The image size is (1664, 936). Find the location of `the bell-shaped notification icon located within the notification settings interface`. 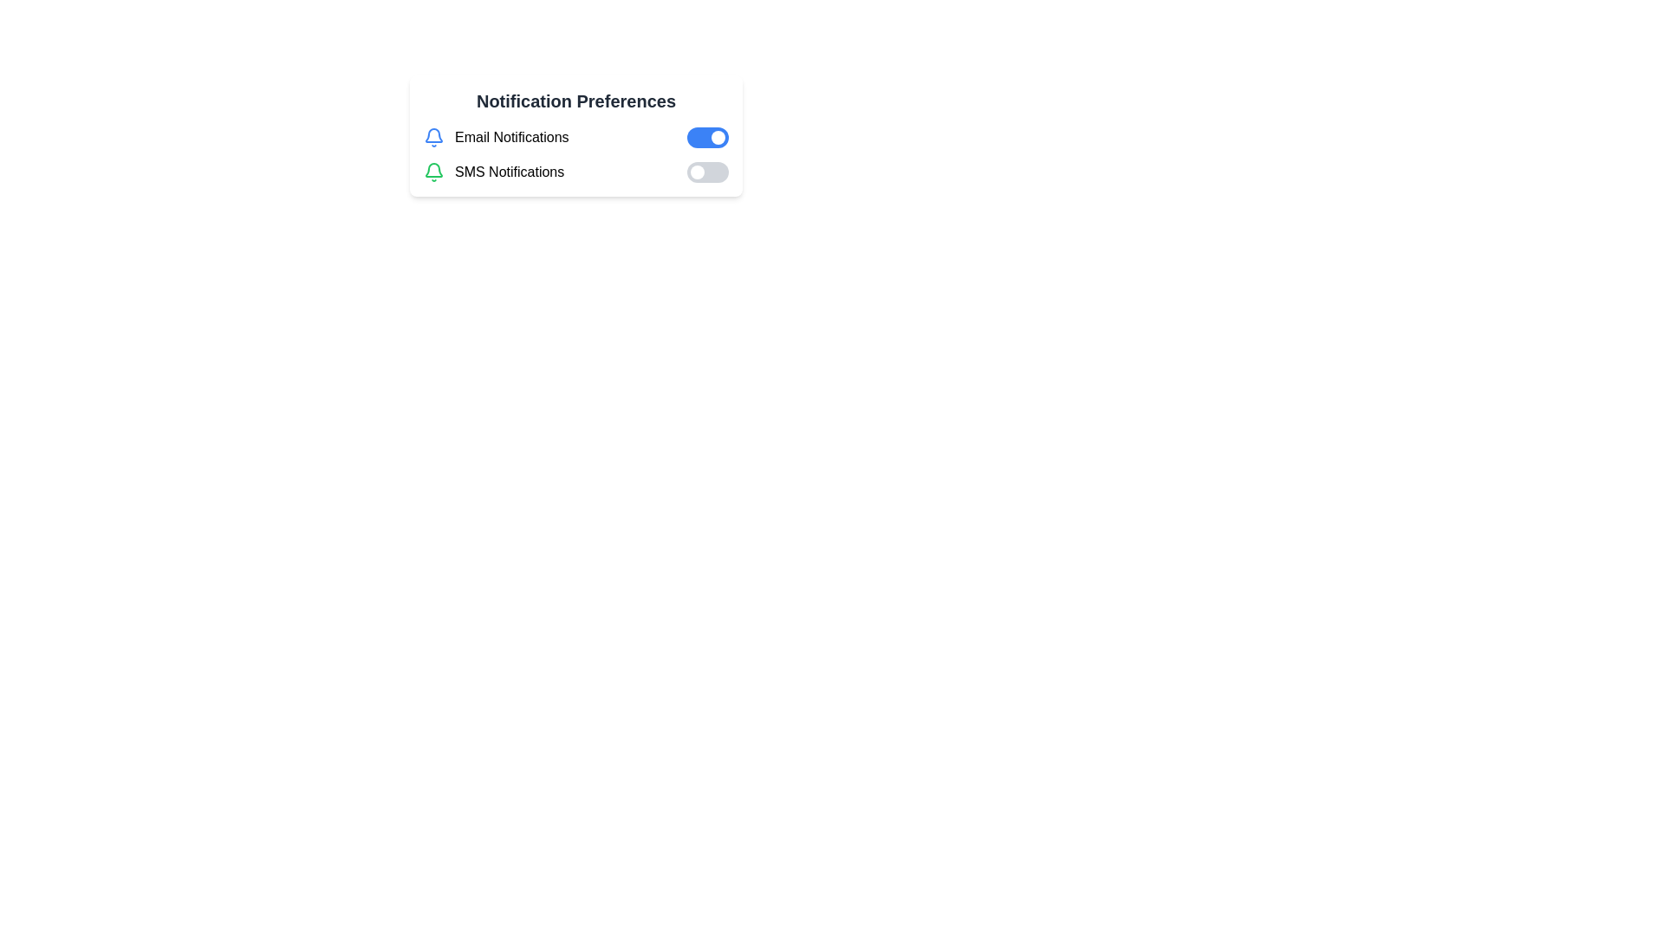

the bell-shaped notification icon located within the notification settings interface is located at coordinates (433, 170).